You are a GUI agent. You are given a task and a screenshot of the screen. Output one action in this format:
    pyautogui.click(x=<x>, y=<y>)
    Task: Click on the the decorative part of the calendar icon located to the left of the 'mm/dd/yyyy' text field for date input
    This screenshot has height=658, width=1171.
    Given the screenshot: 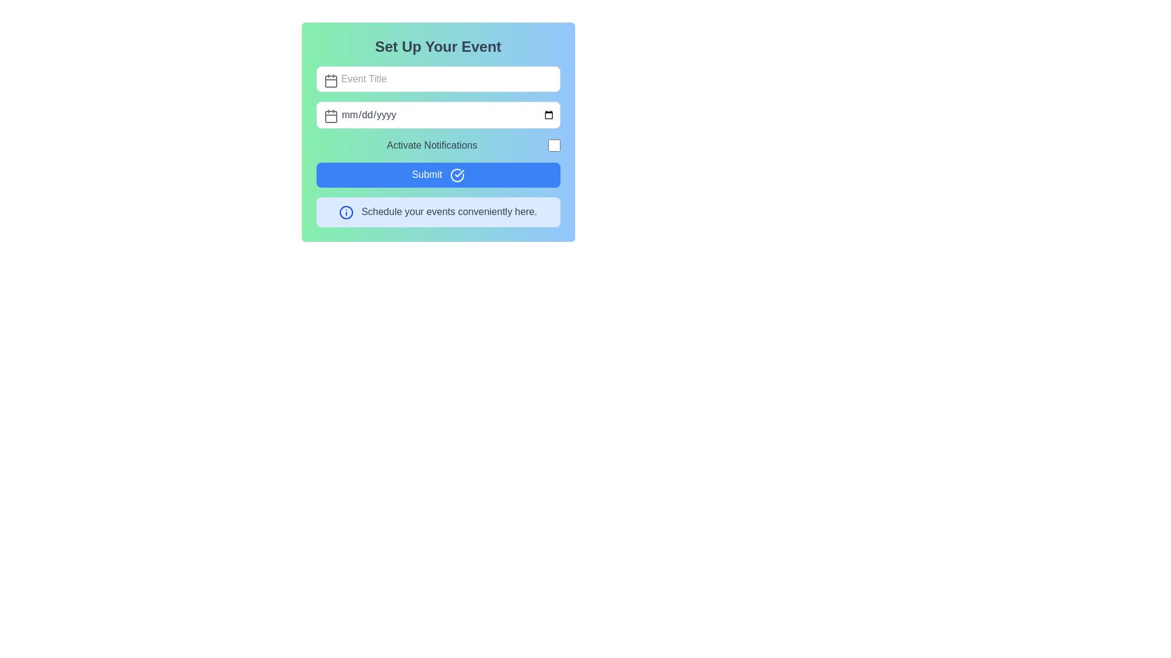 What is the action you would take?
    pyautogui.click(x=331, y=117)
    